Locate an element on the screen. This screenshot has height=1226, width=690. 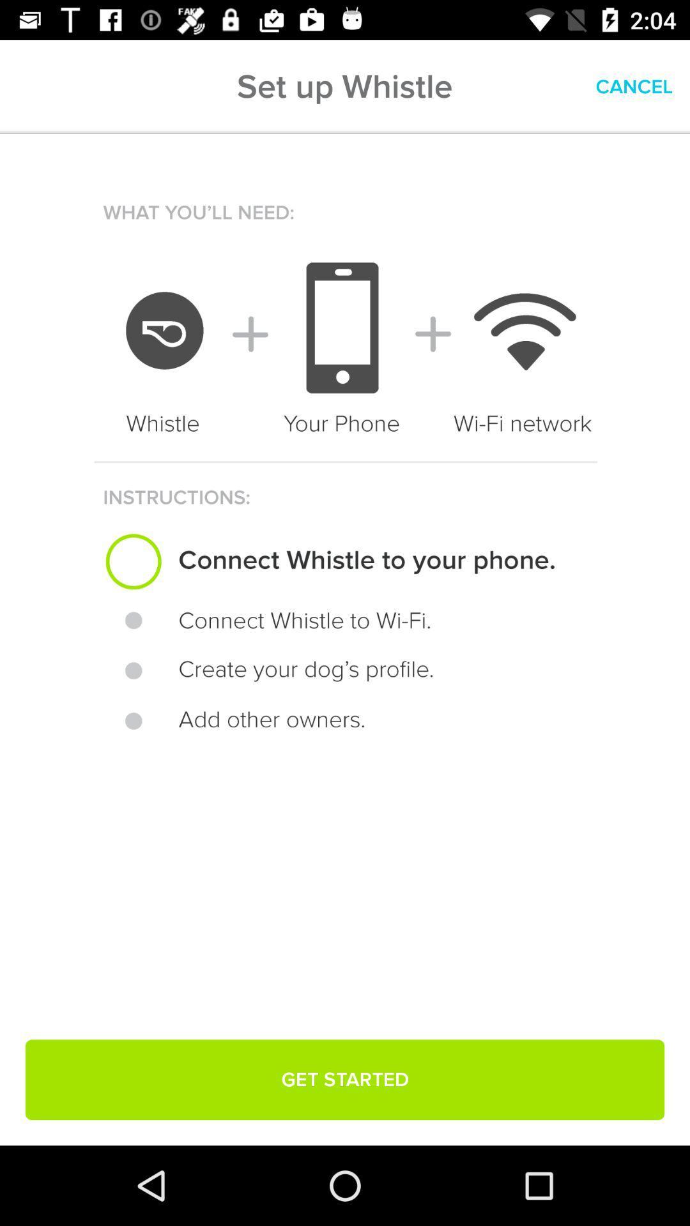
the icon at the top right corner is located at coordinates (634, 86).